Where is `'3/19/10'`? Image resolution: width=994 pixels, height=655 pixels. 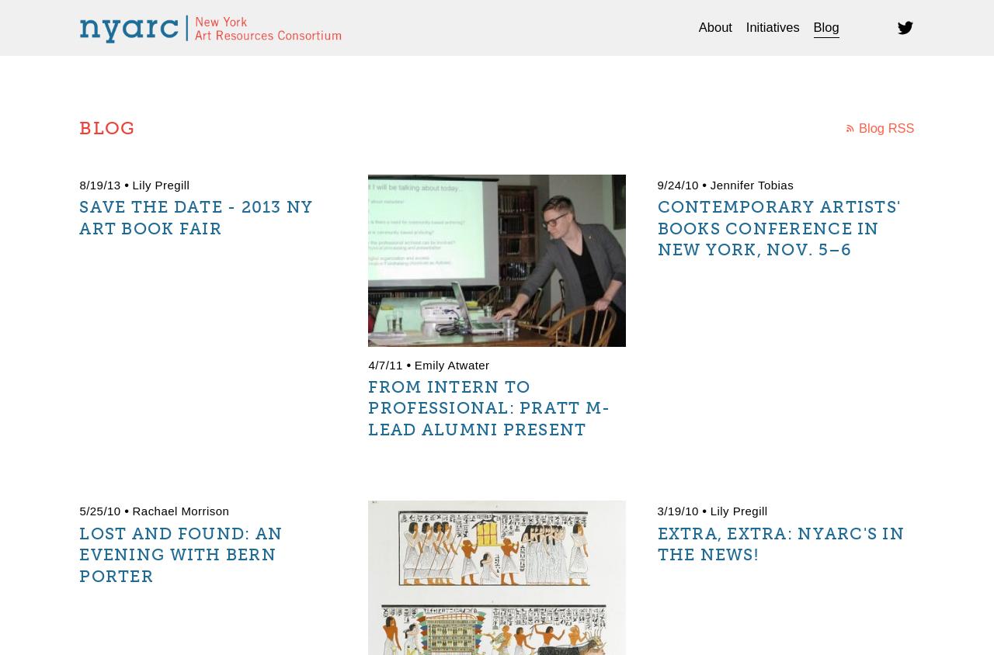
'3/19/10' is located at coordinates (677, 510).